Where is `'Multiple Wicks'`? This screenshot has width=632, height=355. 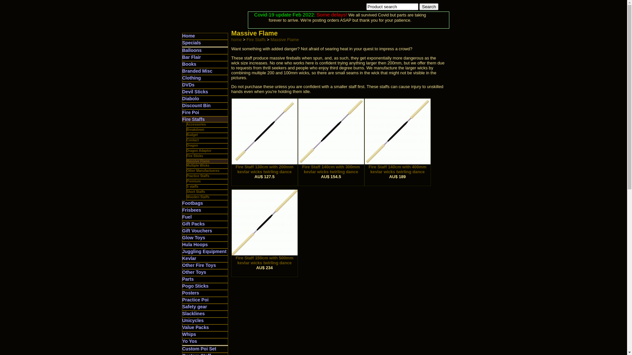 'Multiple Wicks' is located at coordinates (197, 165).